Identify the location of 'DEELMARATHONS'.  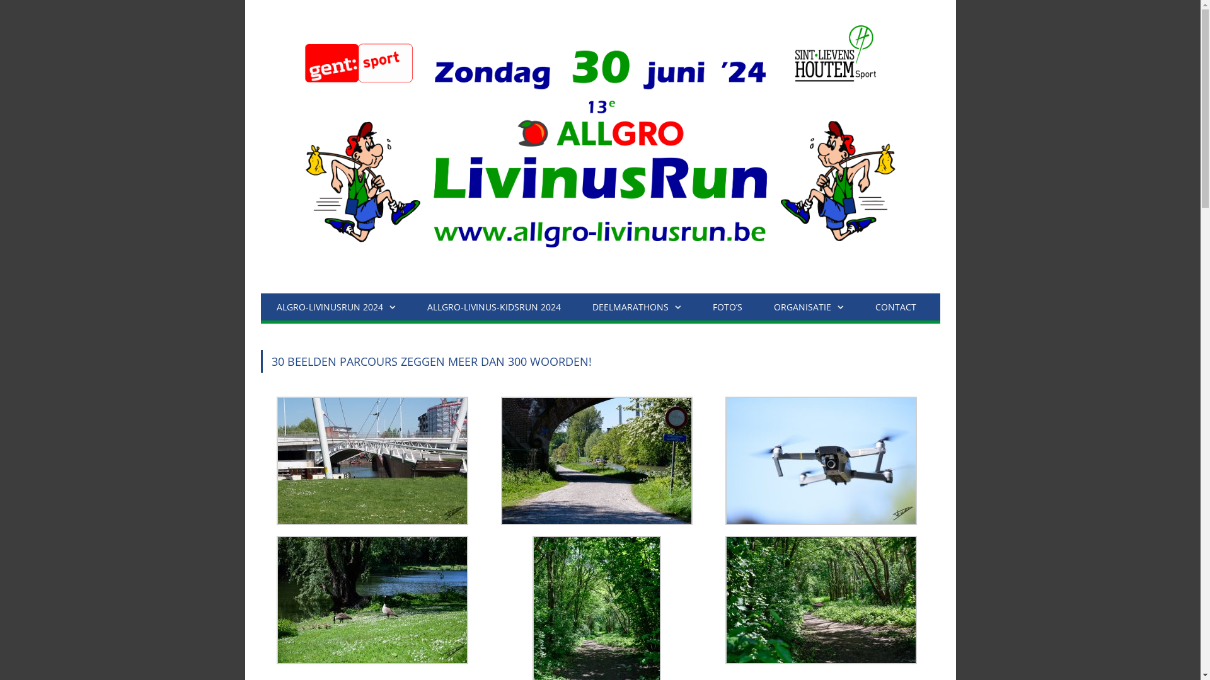
(636, 307).